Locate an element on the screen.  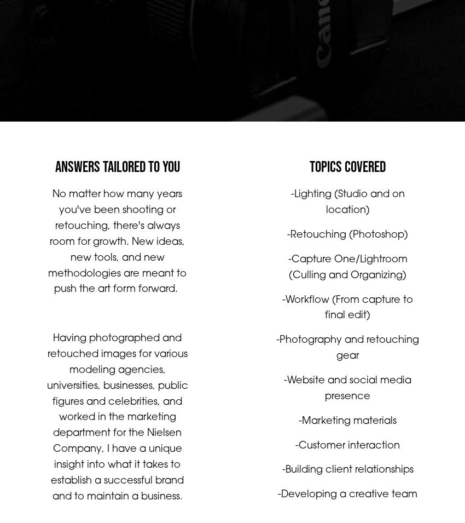
'No matter how many years you've been shooting or retouching, there's always room for growth. New ideas, new tools, and new methodologies are meant to push the art form forward.' is located at coordinates (47, 252).